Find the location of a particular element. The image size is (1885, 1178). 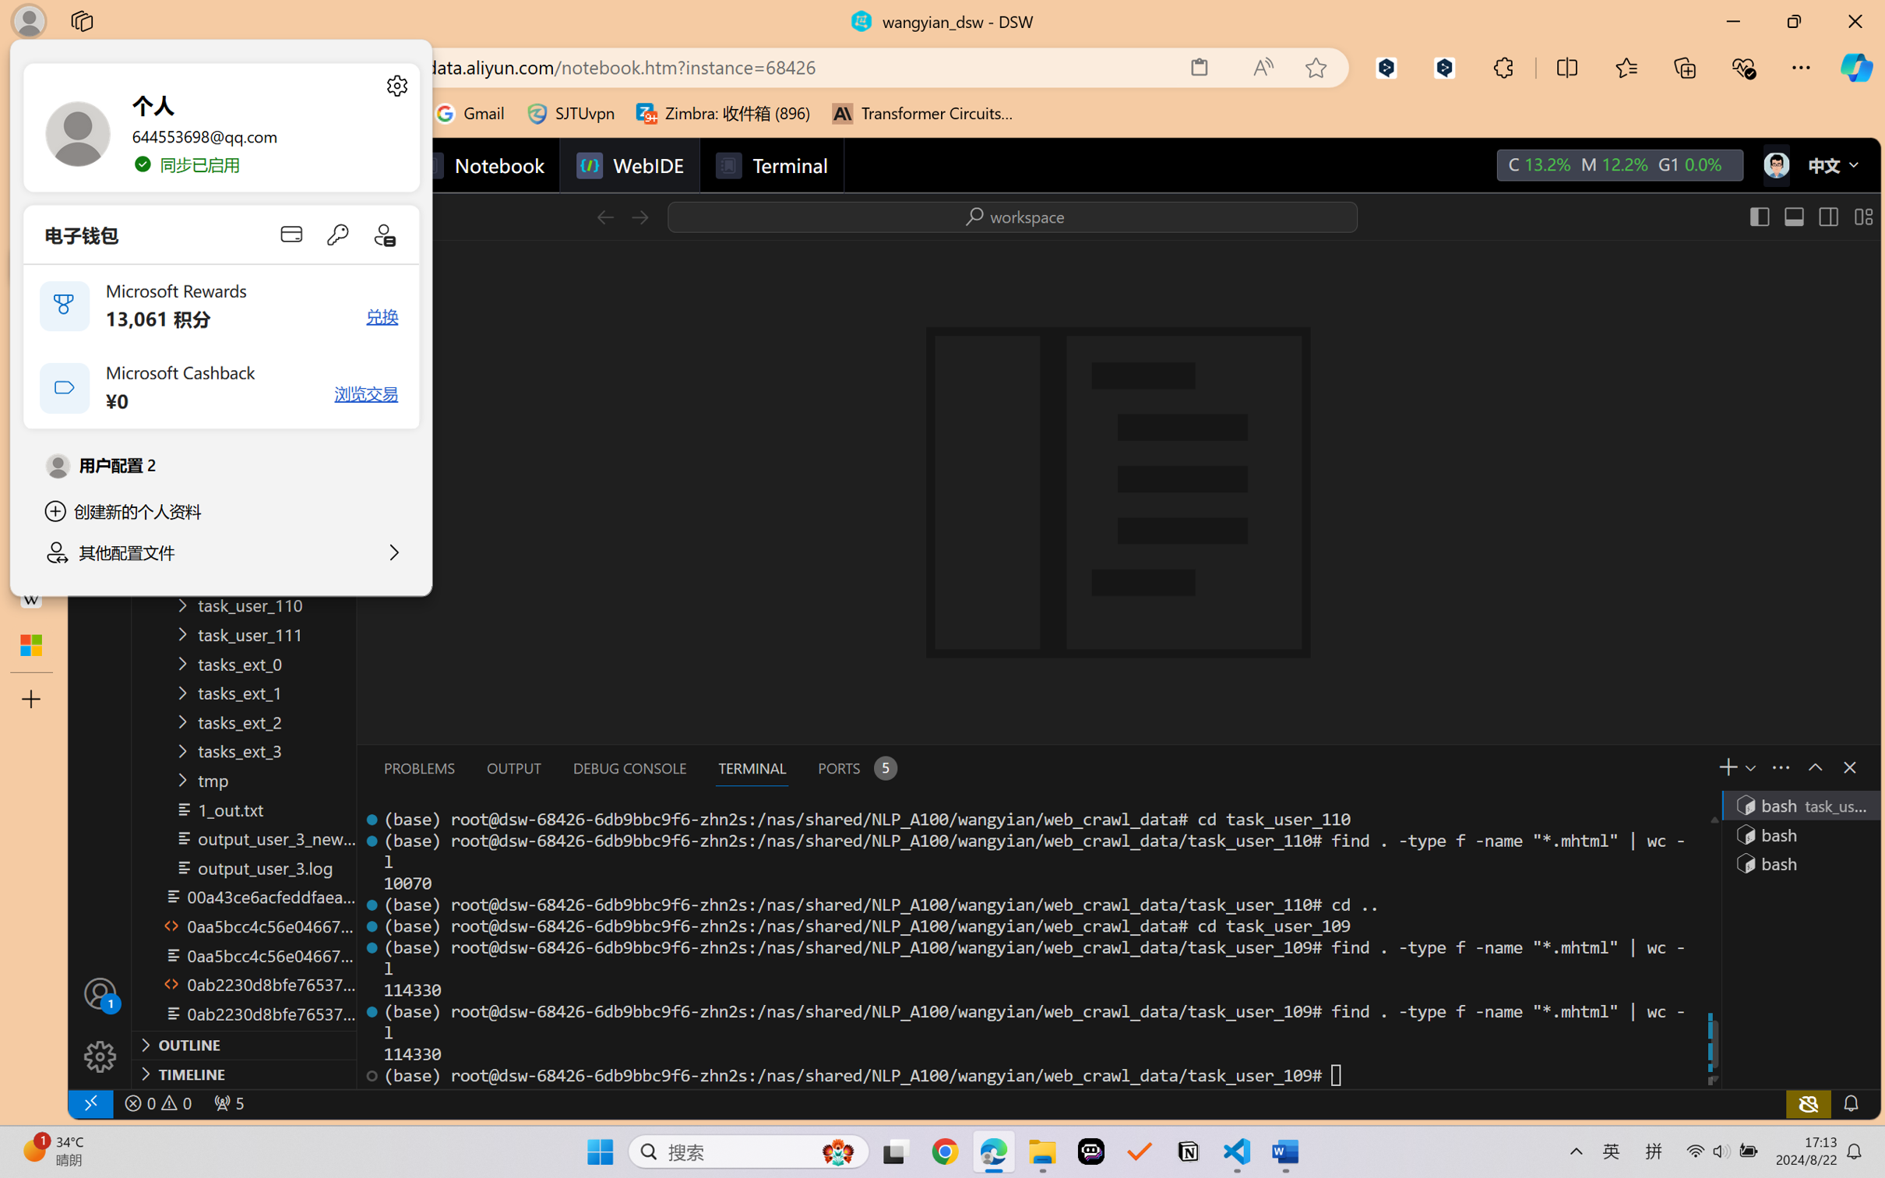

'Toggle Primary Side Bar (Ctrl+B)' is located at coordinates (1757, 216).